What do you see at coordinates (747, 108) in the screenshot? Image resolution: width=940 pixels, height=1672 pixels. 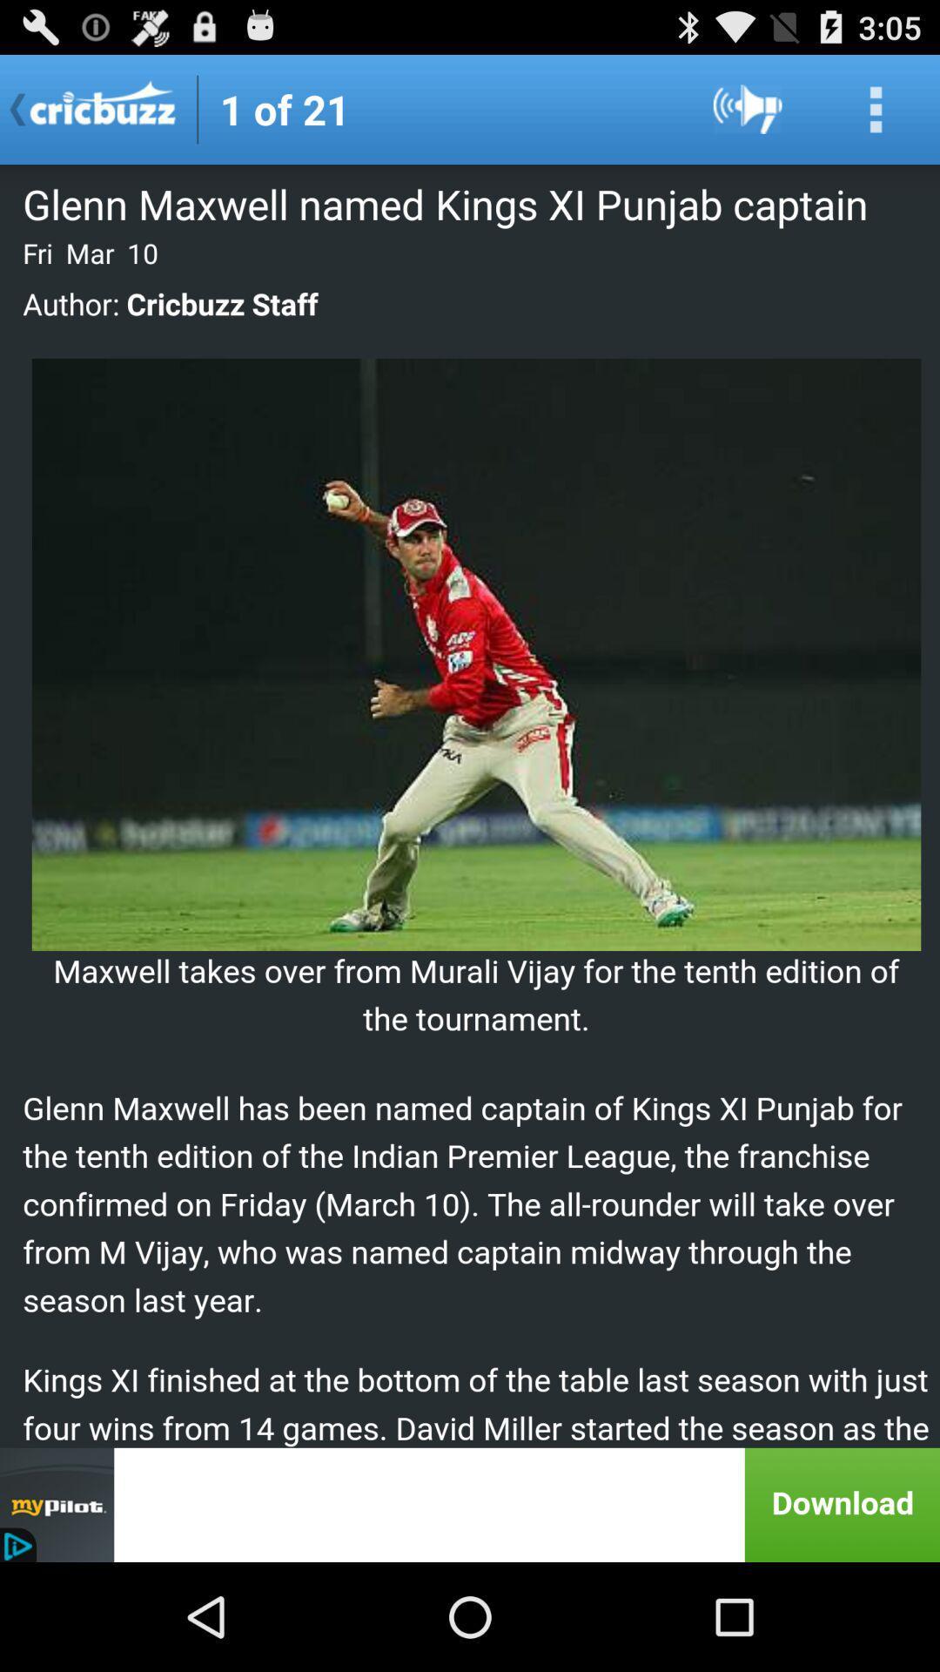 I see `volume` at bounding box center [747, 108].